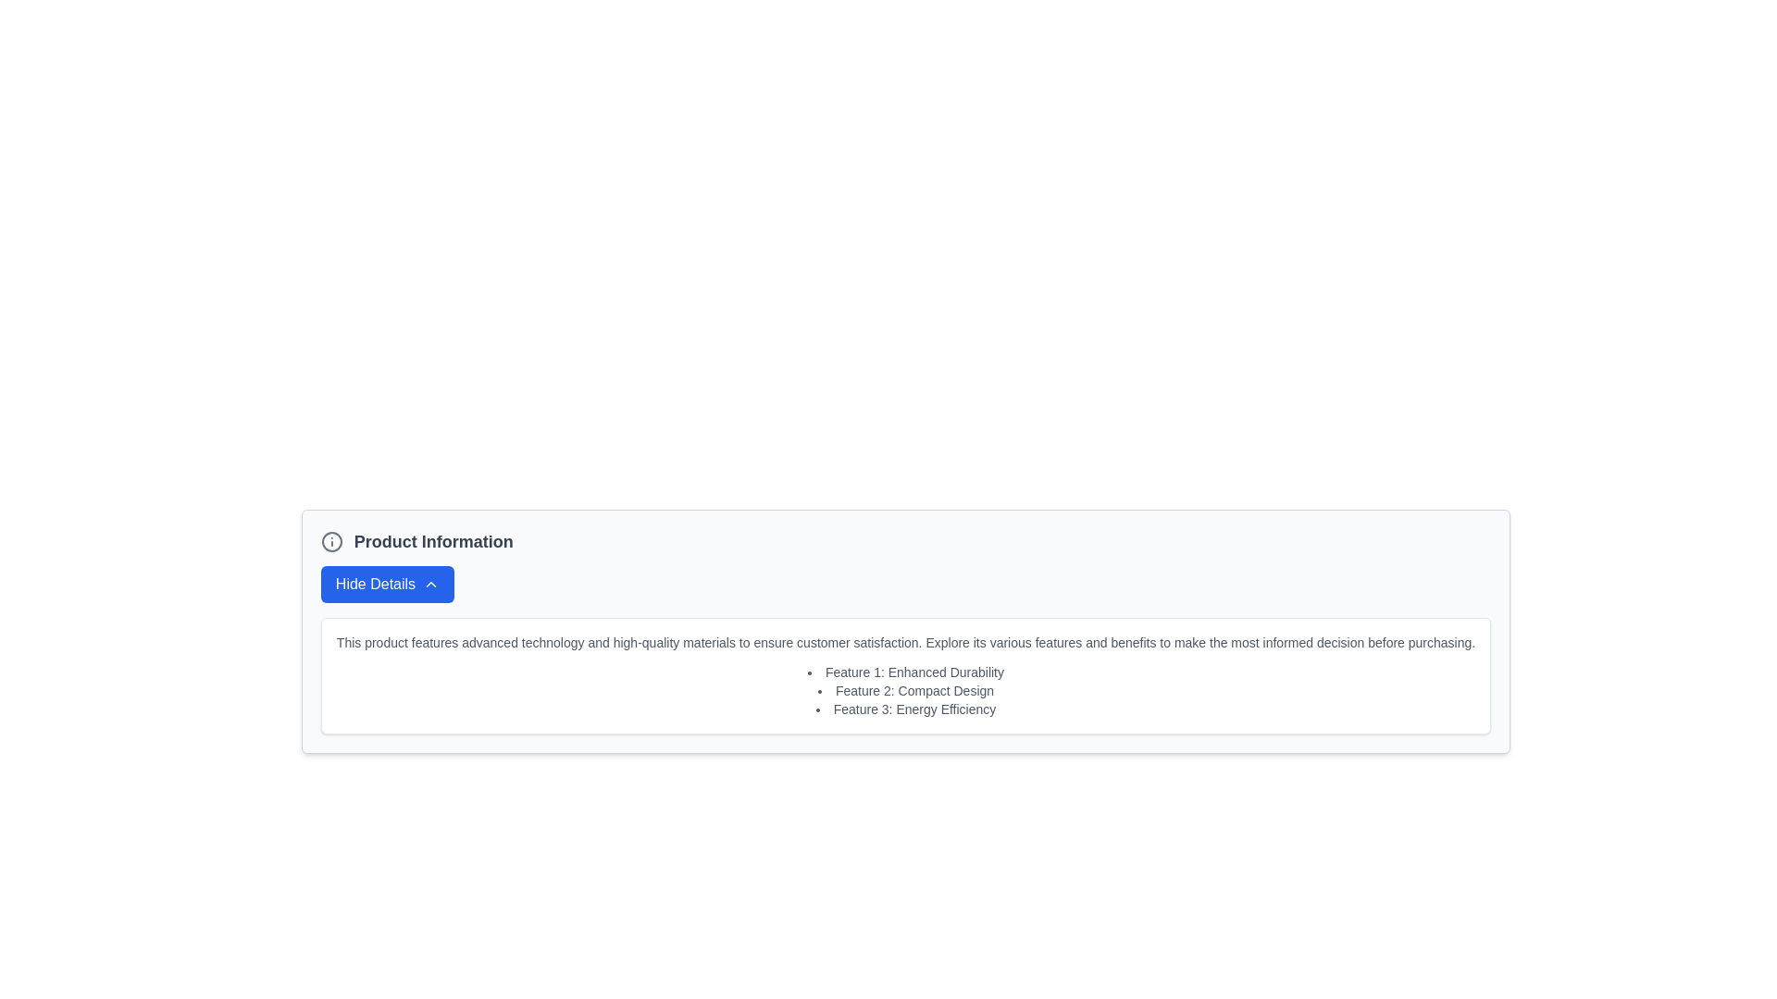  I want to click on the circular information icon with a gray stroke located to the left of 'Product Information', so click(331, 541).